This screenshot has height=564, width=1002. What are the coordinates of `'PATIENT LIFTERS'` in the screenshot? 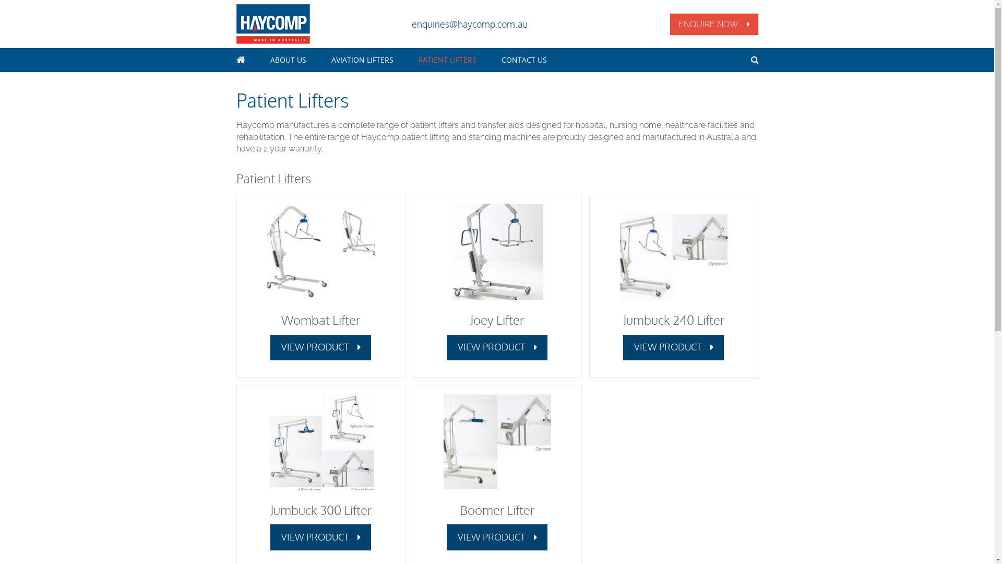 It's located at (418, 60).